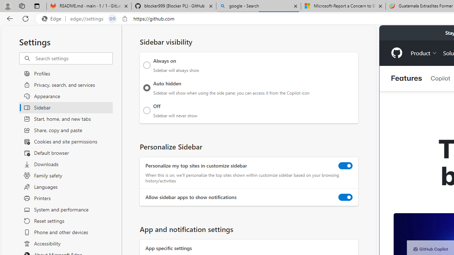 The width and height of the screenshot is (454, 255). Describe the element at coordinates (345, 197) in the screenshot. I see `'Allow sidebar apps to show notifications'` at that location.